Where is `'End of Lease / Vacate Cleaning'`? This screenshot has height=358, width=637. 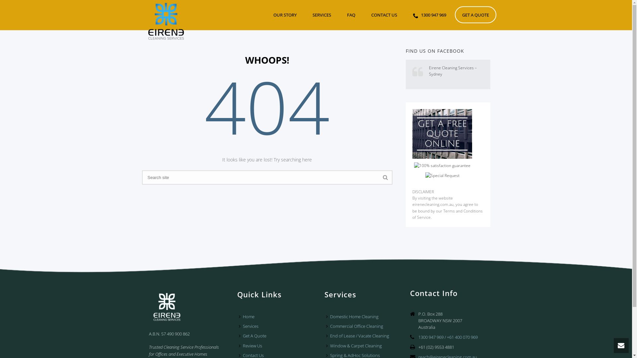
'End of Lease / Vacate Cleaning' is located at coordinates (359, 336).